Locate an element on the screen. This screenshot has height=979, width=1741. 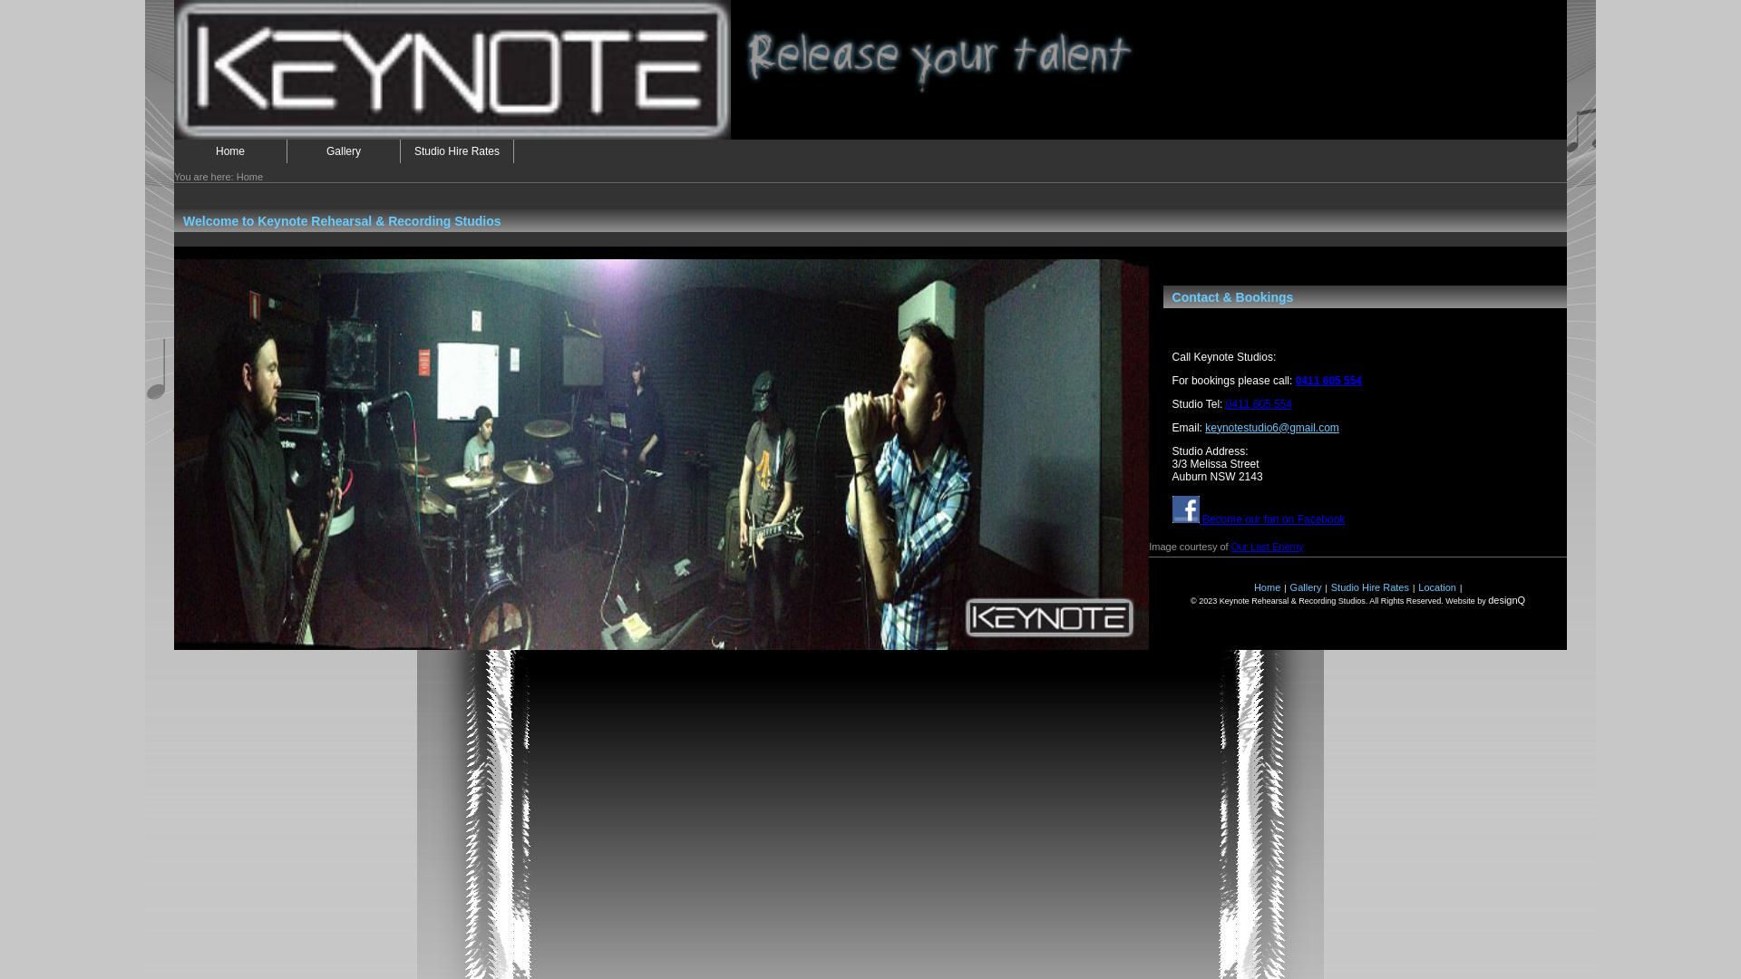
'Home' is located at coordinates (229, 150).